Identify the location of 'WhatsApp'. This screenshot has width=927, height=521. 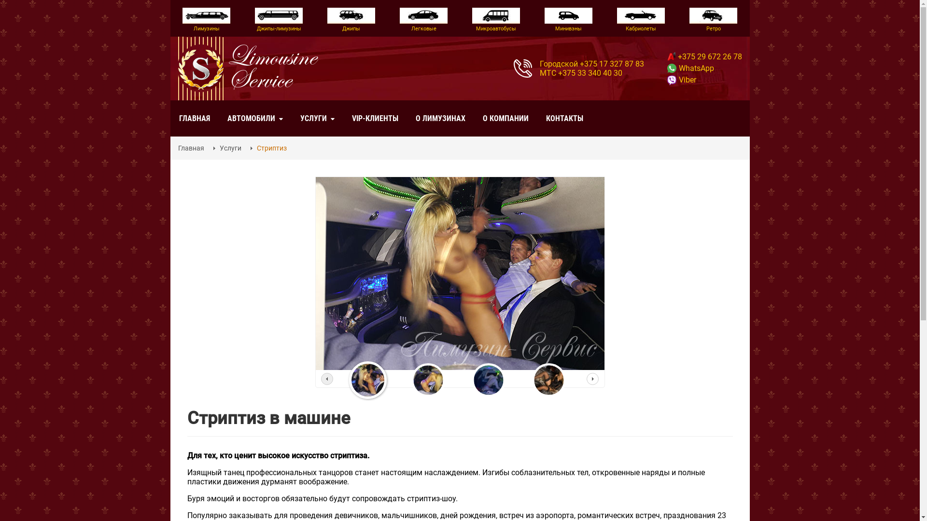
(690, 68).